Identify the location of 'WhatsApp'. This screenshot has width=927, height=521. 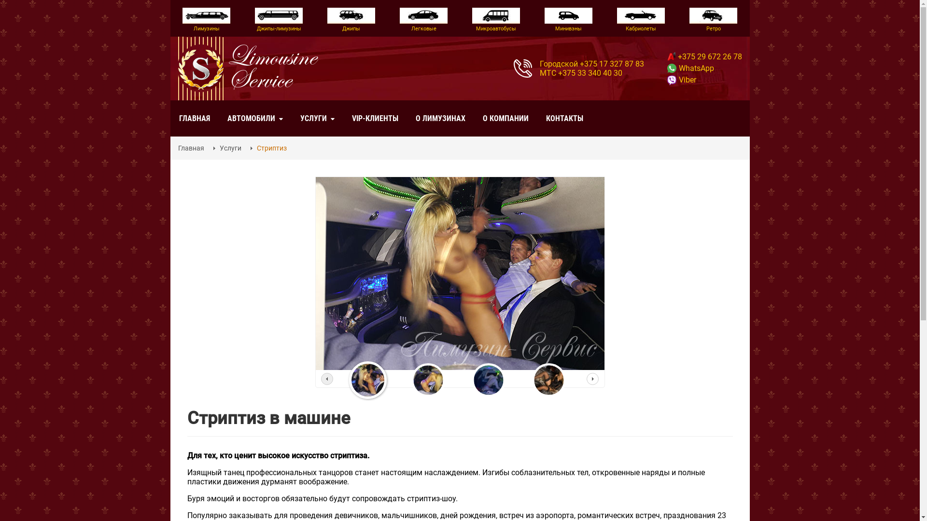
(690, 68).